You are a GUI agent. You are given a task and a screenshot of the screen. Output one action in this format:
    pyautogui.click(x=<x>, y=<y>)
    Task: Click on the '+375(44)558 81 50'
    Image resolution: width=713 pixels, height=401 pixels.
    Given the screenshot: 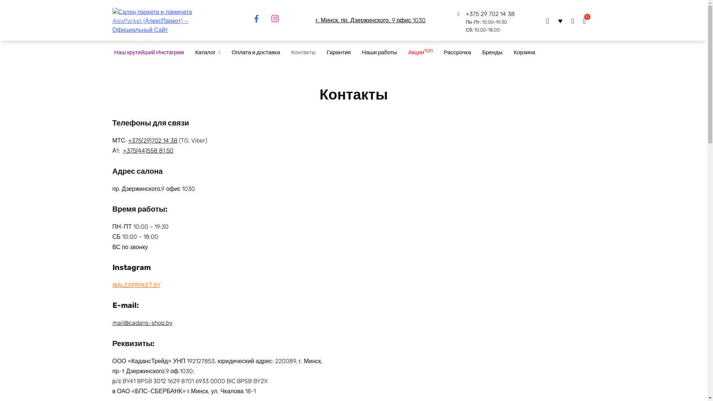 What is the action you would take?
    pyautogui.click(x=148, y=150)
    